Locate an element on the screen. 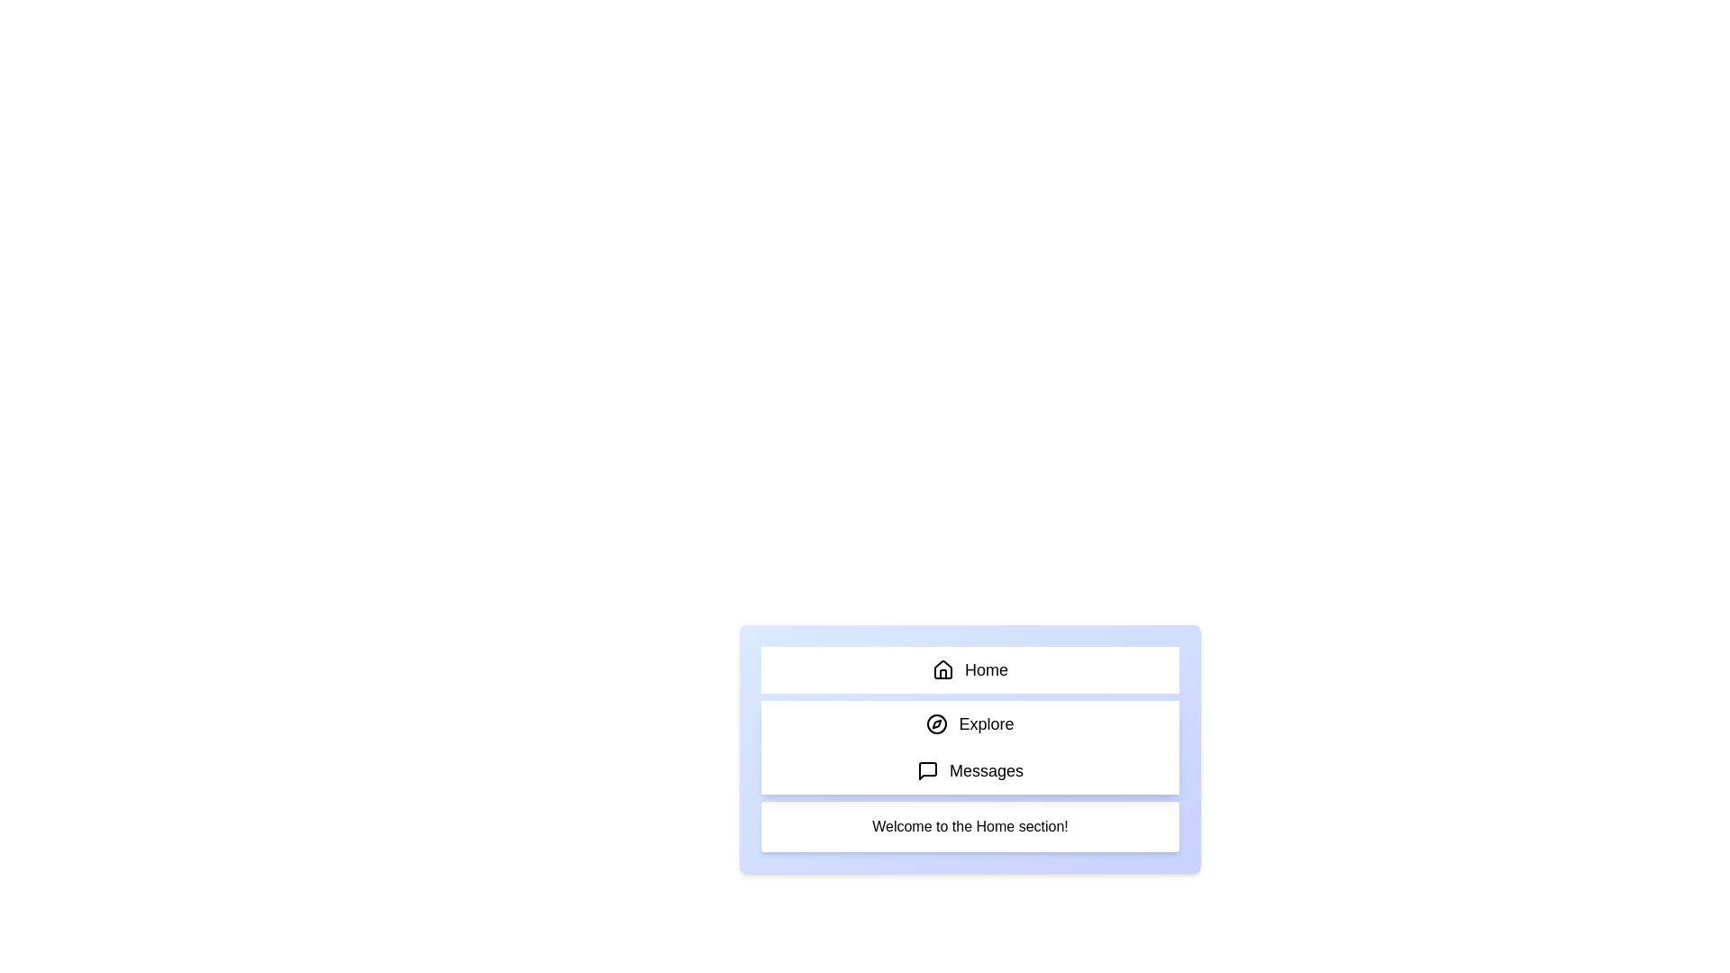 The width and height of the screenshot is (1730, 973). the Explore tab to switch to it is located at coordinates (969, 723).